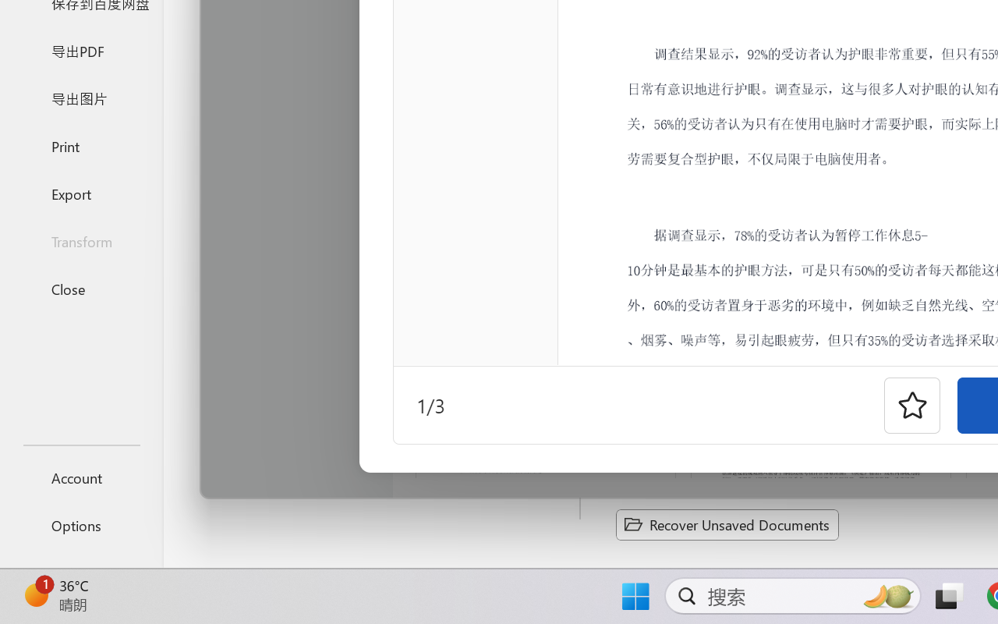 The image size is (998, 624). What do you see at coordinates (80, 240) in the screenshot?
I see `'Transform'` at bounding box center [80, 240].